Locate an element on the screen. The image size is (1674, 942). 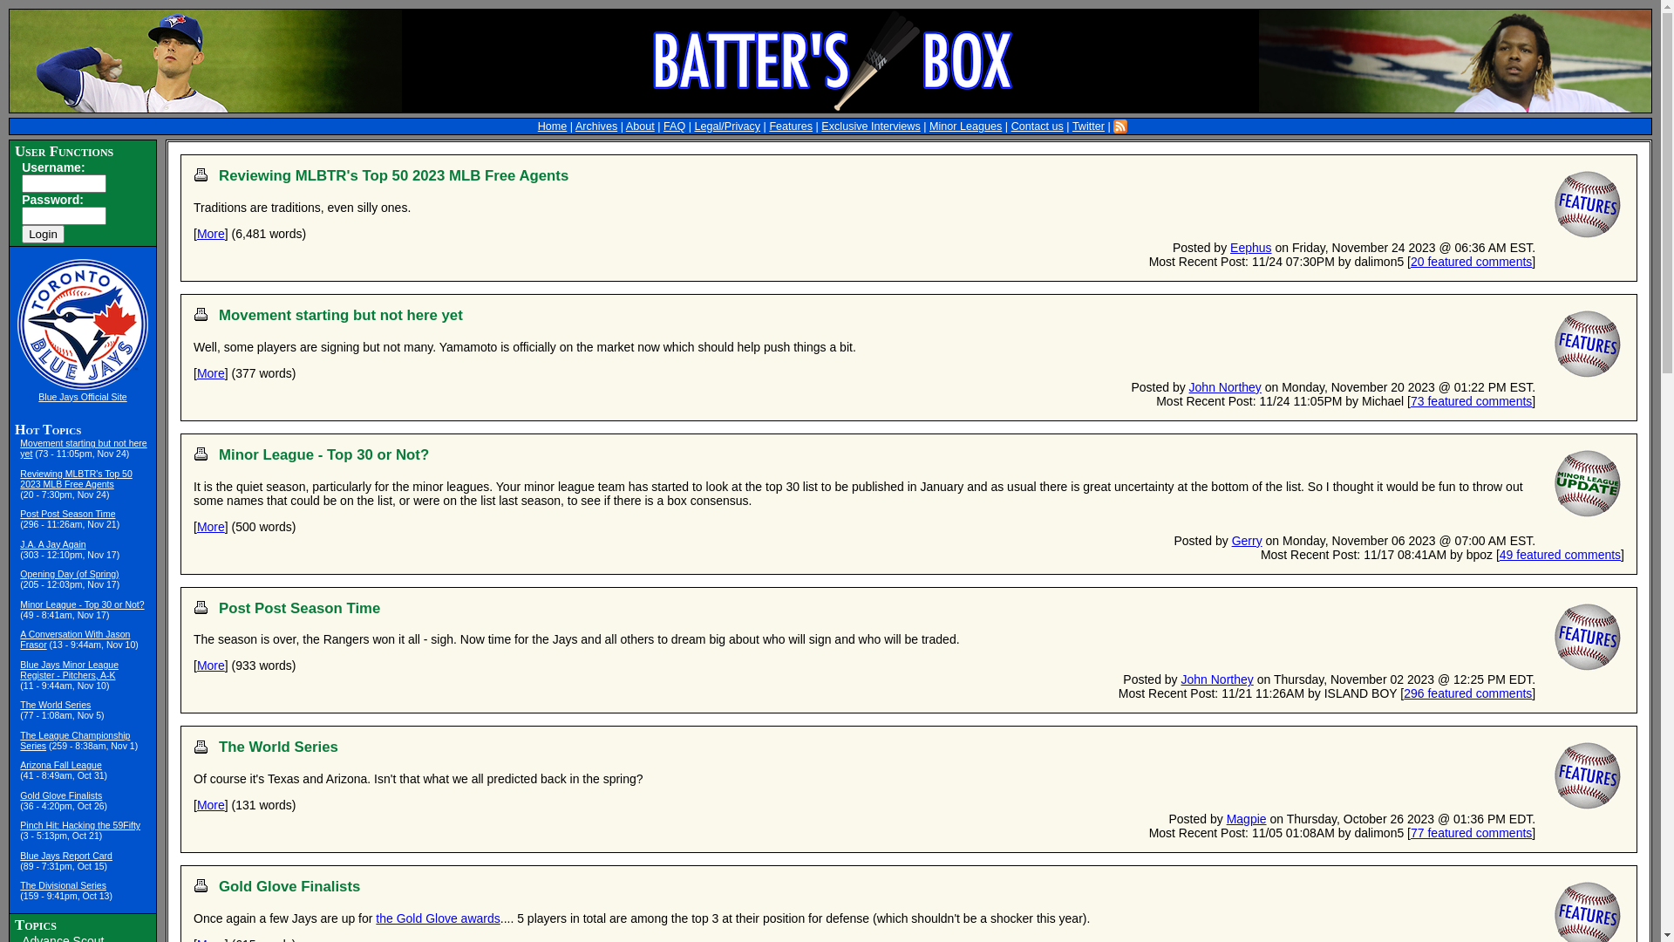
'Gerry' is located at coordinates (1246, 540).